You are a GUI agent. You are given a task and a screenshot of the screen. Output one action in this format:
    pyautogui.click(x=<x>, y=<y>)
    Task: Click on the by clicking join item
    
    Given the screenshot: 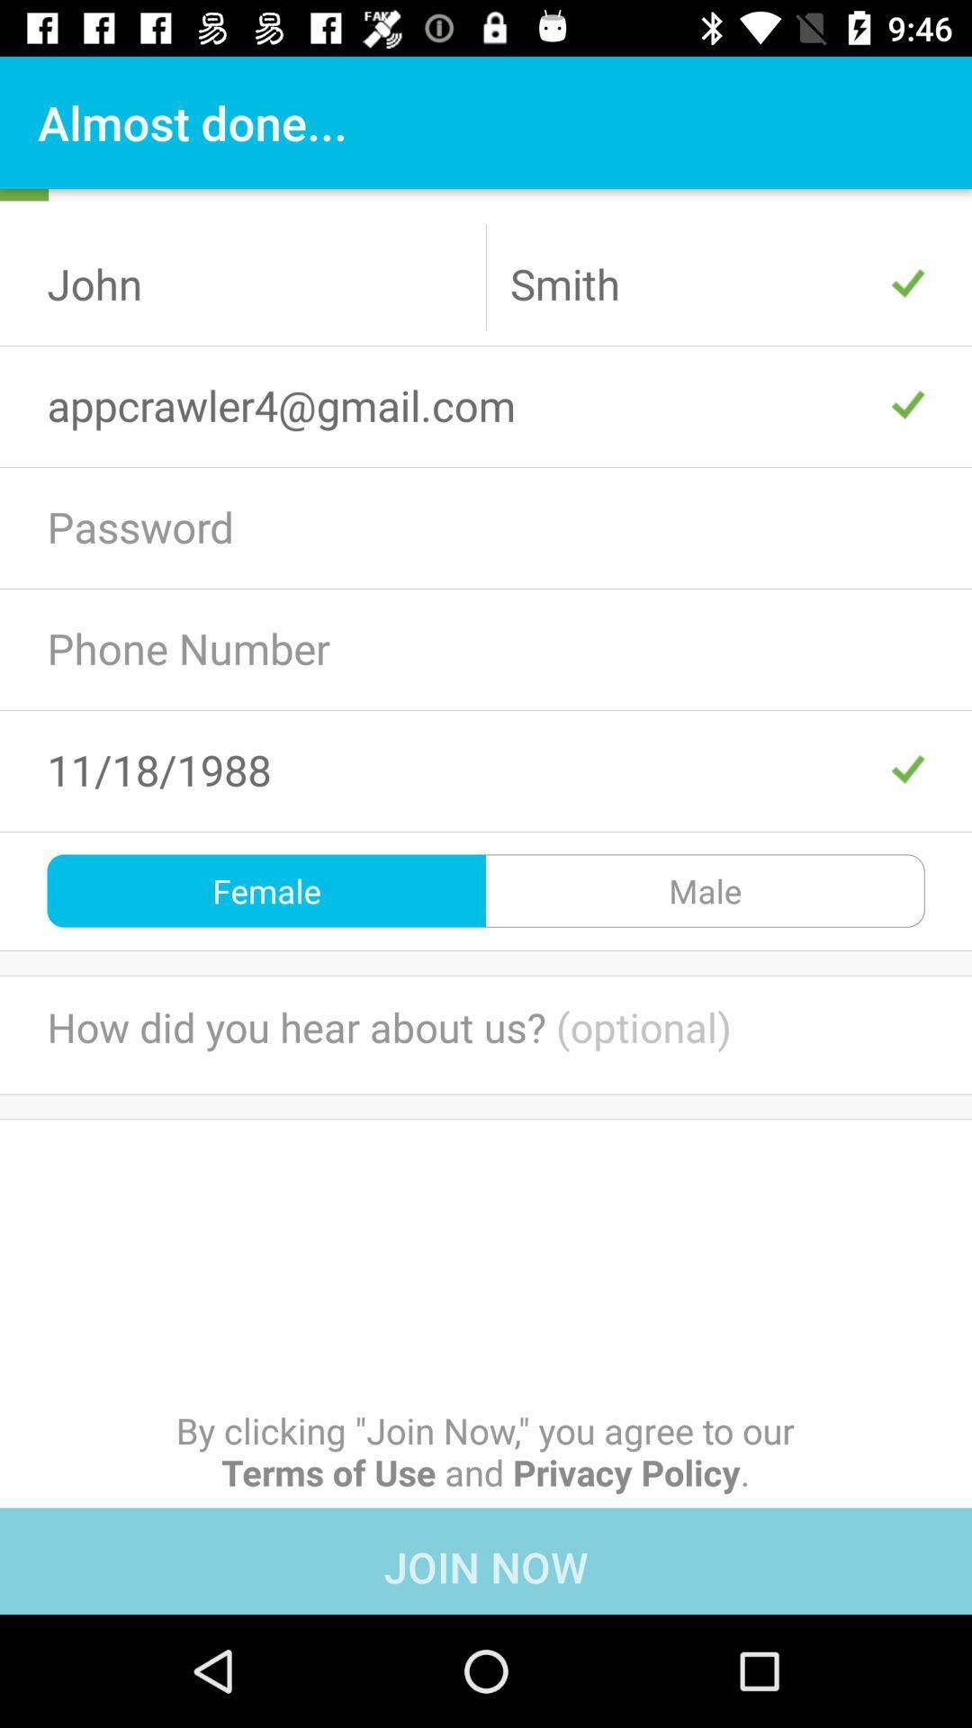 What is the action you would take?
    pyautogui.click(x=484, y=1451)
    